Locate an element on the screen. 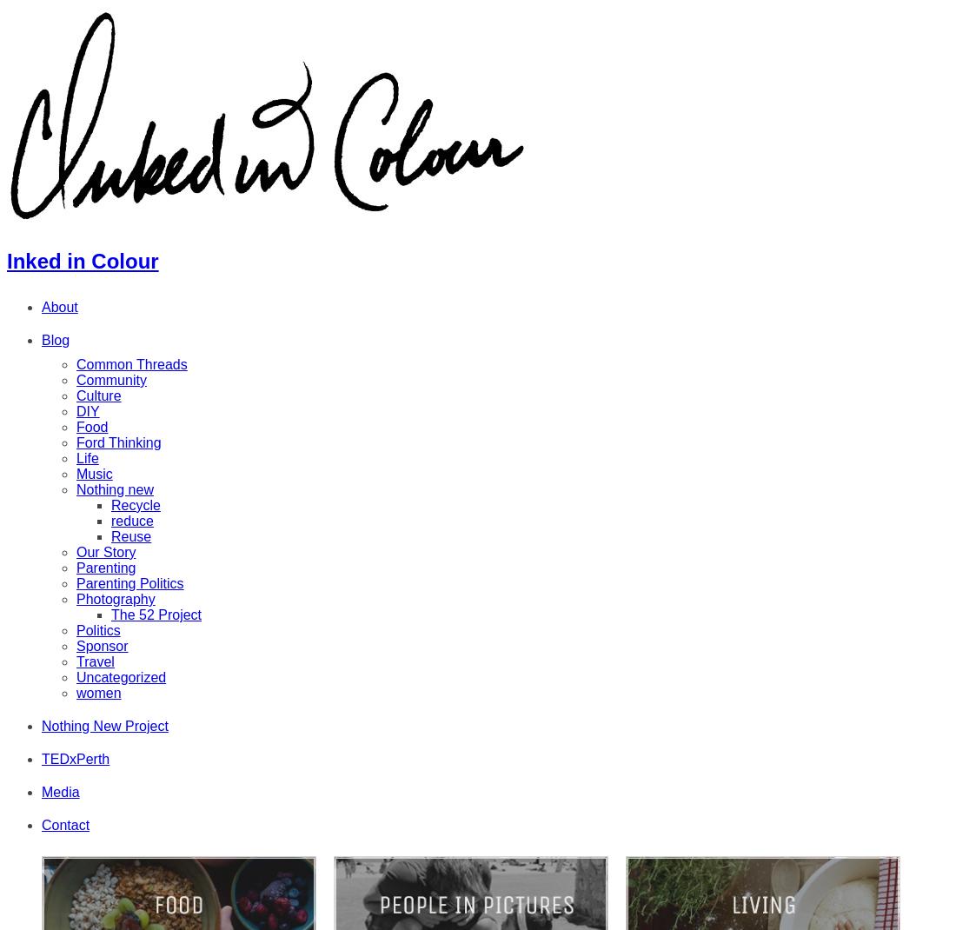  'Parenting Politics' is located at coordinates (129, 582).